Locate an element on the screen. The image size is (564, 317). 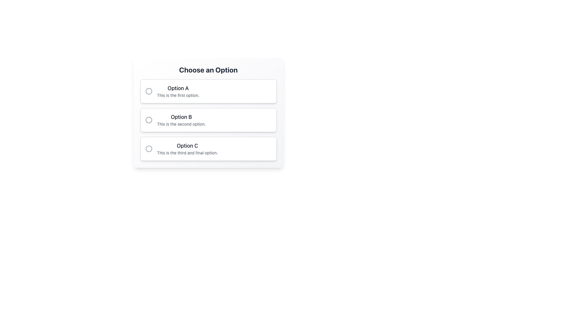
on the radio button for 'Option A' is located at coordinates (149, 91).